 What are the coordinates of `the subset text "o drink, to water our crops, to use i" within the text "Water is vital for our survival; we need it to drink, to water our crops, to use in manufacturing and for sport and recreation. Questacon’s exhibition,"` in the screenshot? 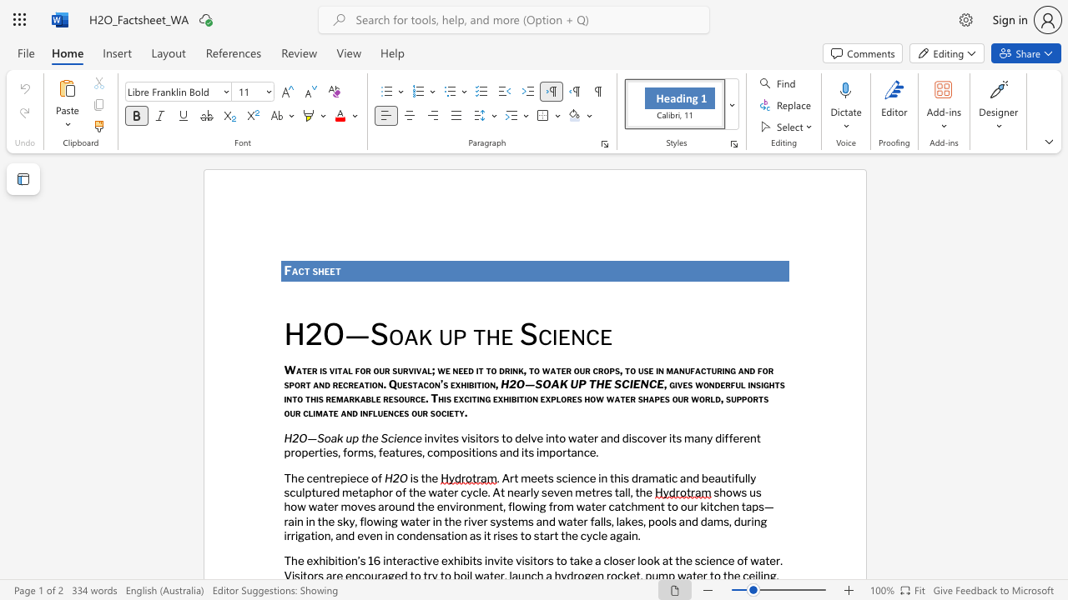 It's located at (490, 368).